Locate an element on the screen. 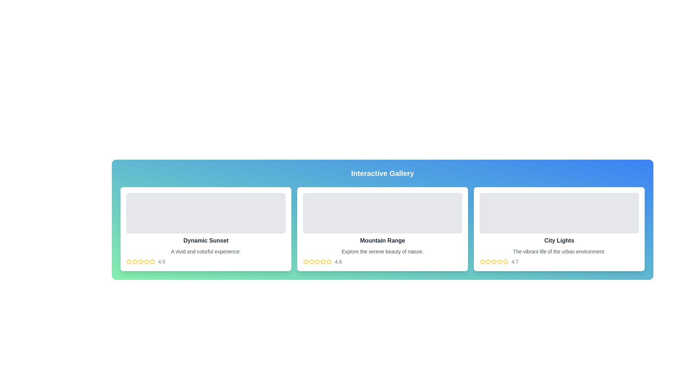 This screenshot has width=695, height=391. the fourth star icon in the rating row located directly below the 'City Lights' card description is located at coordinates (505, 261).